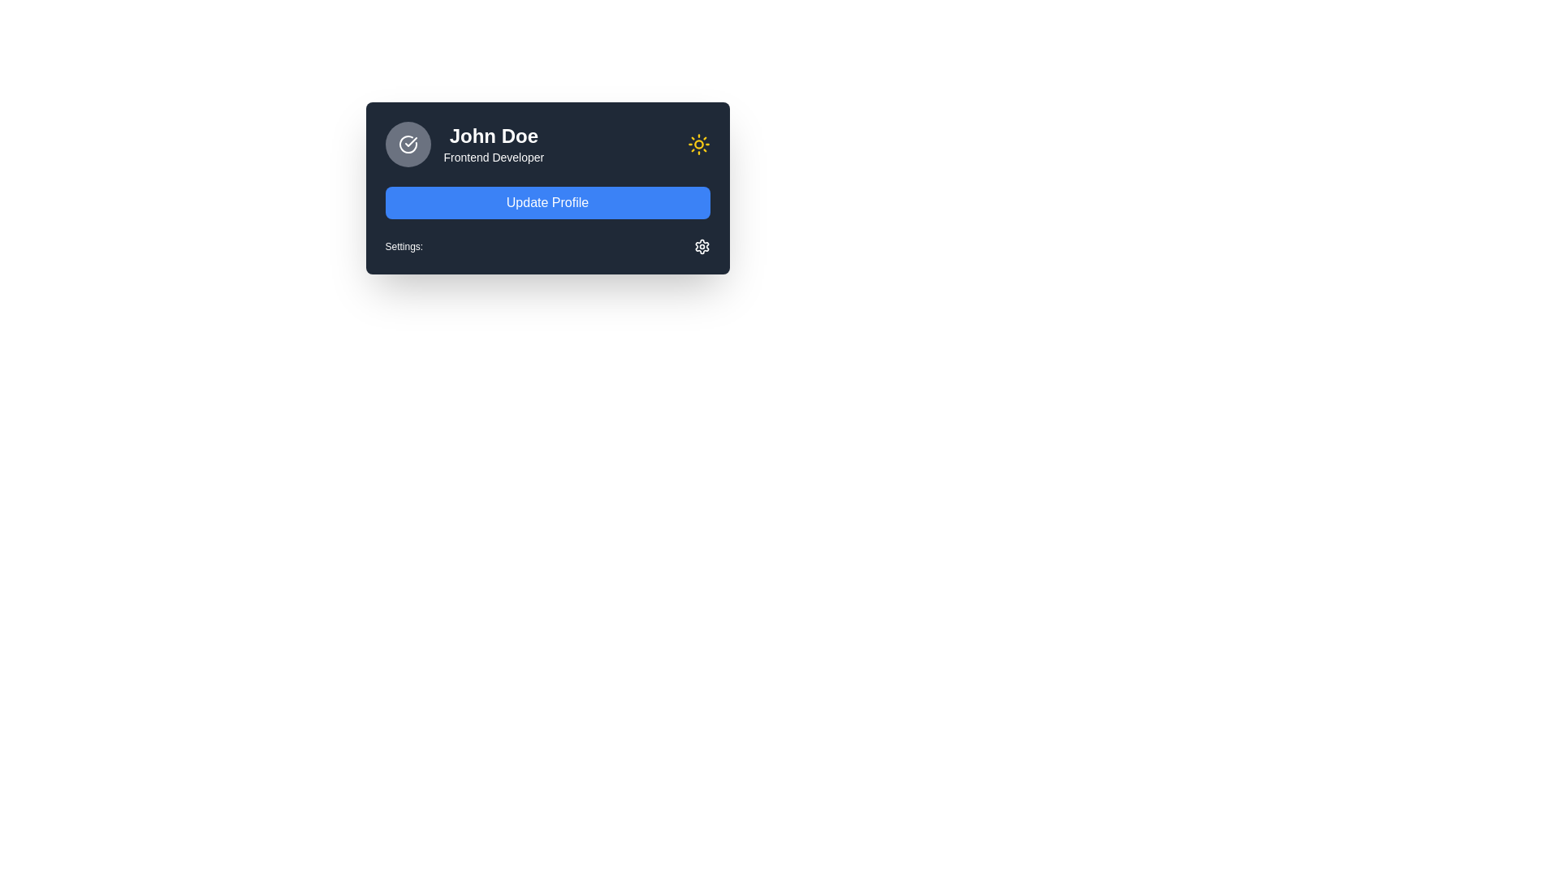 The width and height of the screenshot is (1559, 877). Describe the element at coordinates (698, 143) in the screenshot. I see `the small circular sun icon located in the upper-right corner of the user information card` at that location.